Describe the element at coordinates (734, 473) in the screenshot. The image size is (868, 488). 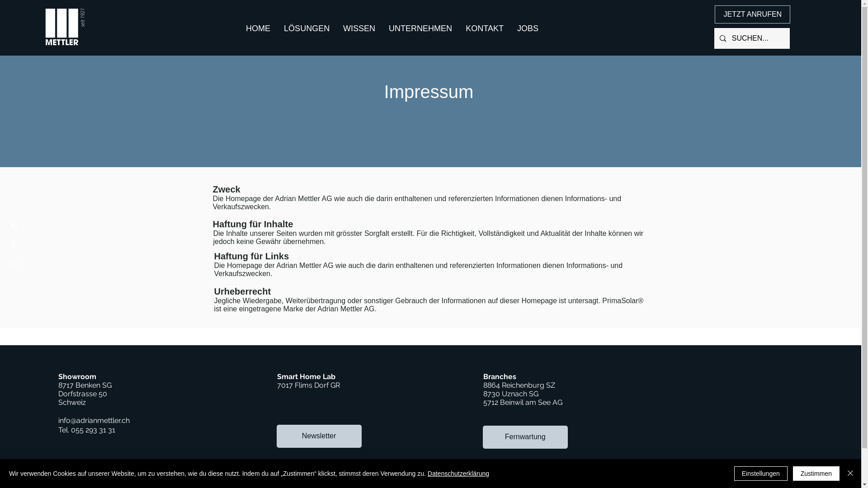
I see `'Einstellungen'` at that location.